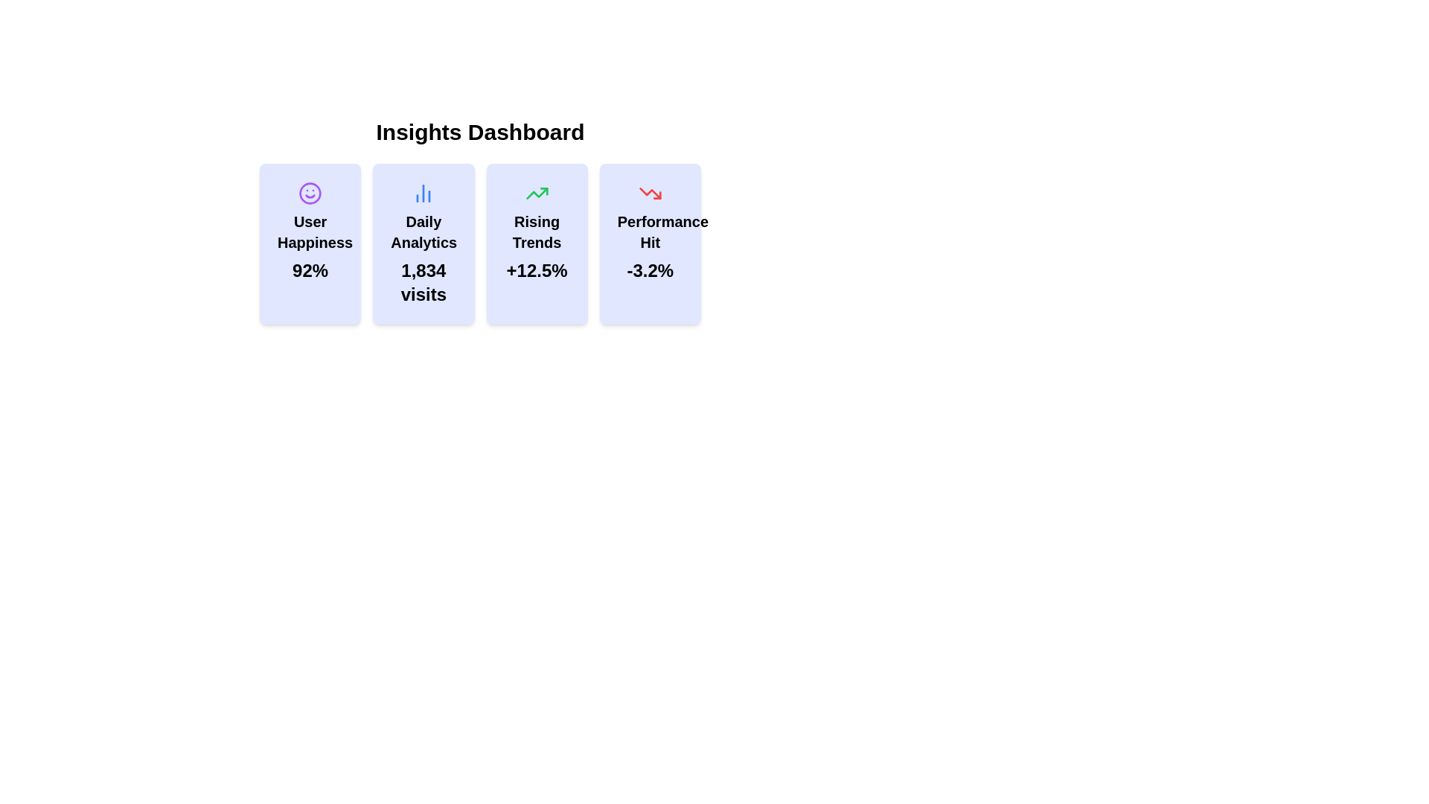 The height and width of the screenshot is (804, 1429). What do you see at coordinates (650, 192) in the screenshot?
I see `the downward trend indicator icon within the 'Performance Hit' card, which is the fourth card from the left in the 'Insights Dashboard'` at bounding box center [650, 192].